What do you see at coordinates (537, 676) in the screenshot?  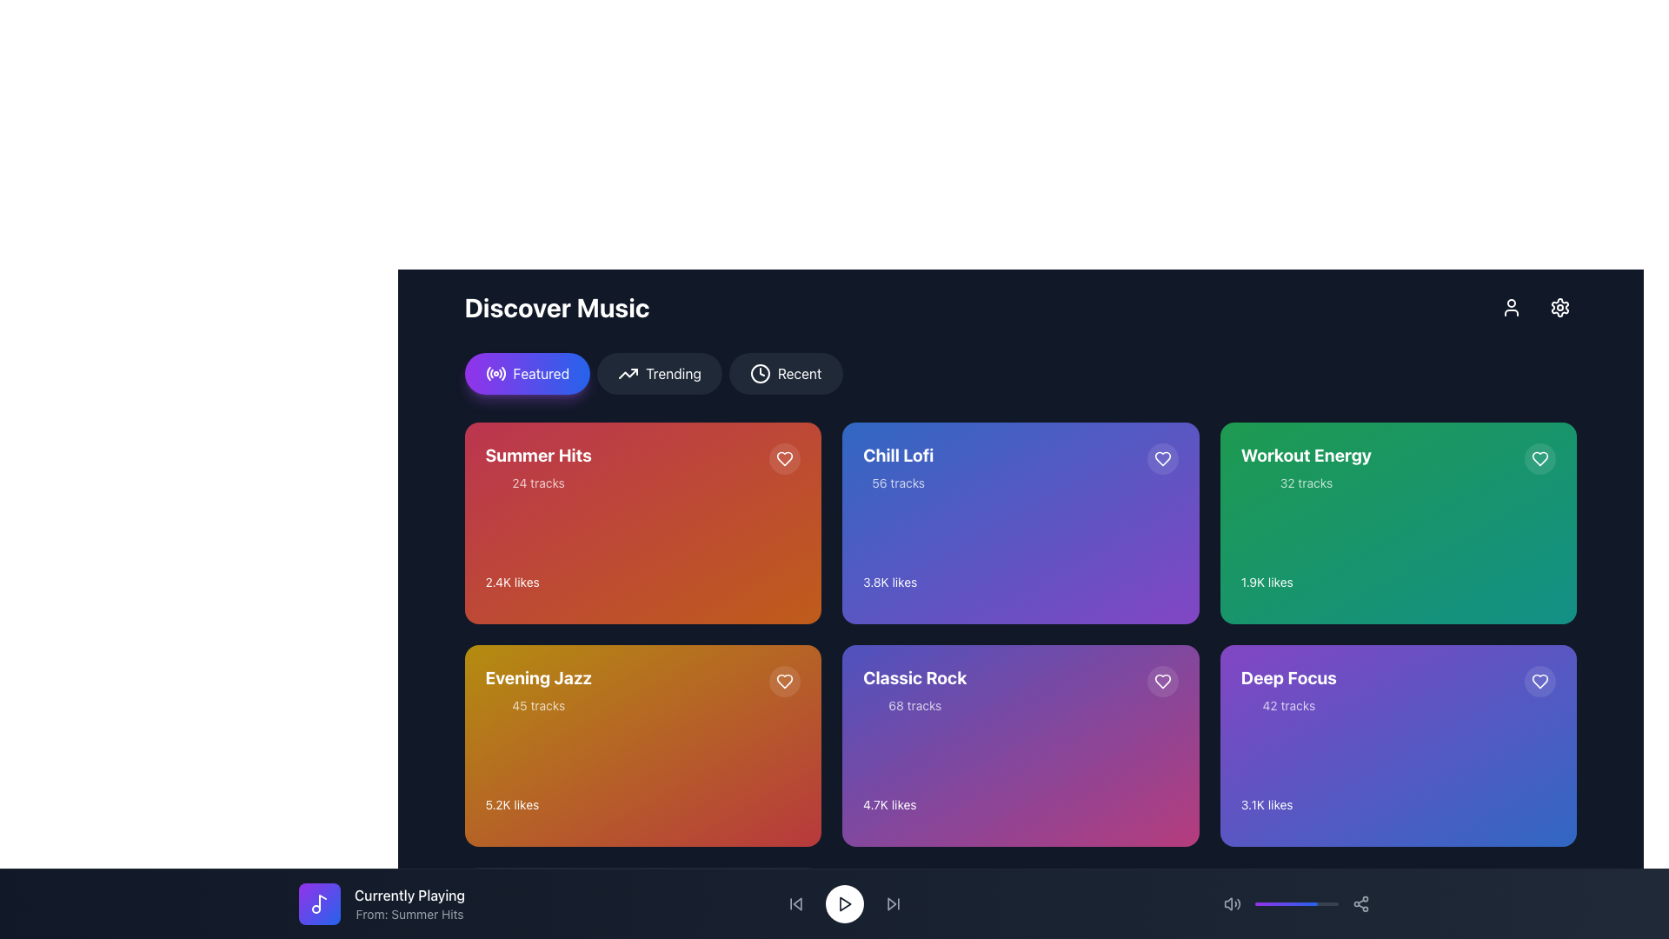 I see `the 'Evening Jazz' text label that displays the title of a music playlist, located in the bottom-left quadrant of the grid layout` at bounding box center [537, 676].